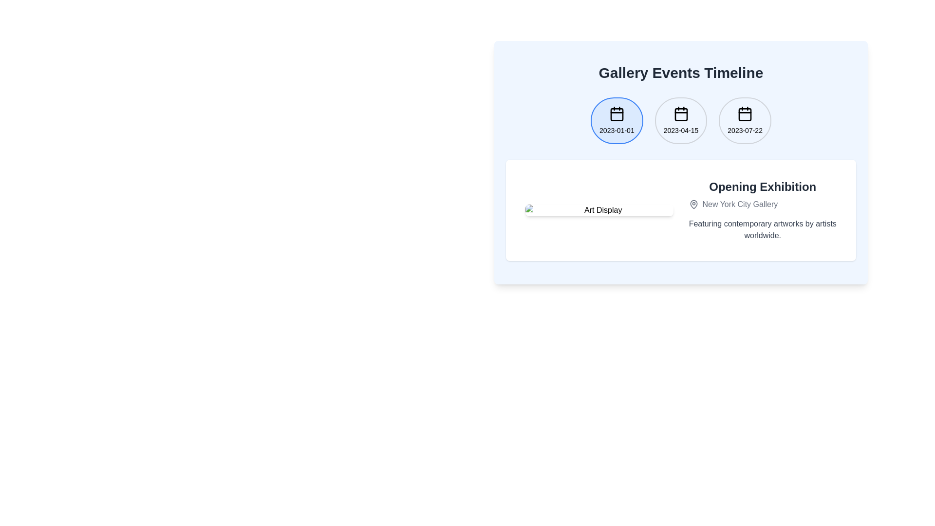  What do you see at coordinates (680, 113) in the screenshot?
I see `the second calendar icon representing the date '2023-04-15' in the 'Gallery Events Timeline' section` at bounding box center [680, 113].